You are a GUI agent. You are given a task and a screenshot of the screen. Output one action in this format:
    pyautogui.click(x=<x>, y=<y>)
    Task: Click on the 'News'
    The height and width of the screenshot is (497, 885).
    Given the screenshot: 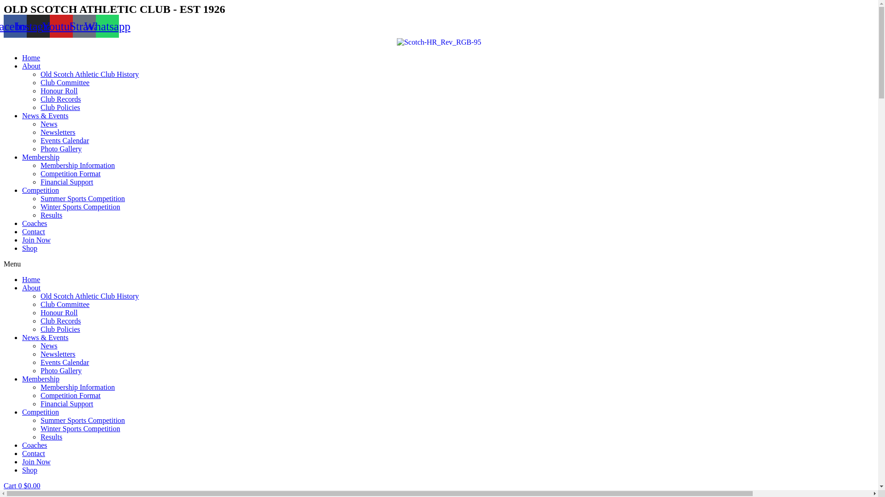 What is the action you would take?
    pyautogui.click(x=48, y=346)
    